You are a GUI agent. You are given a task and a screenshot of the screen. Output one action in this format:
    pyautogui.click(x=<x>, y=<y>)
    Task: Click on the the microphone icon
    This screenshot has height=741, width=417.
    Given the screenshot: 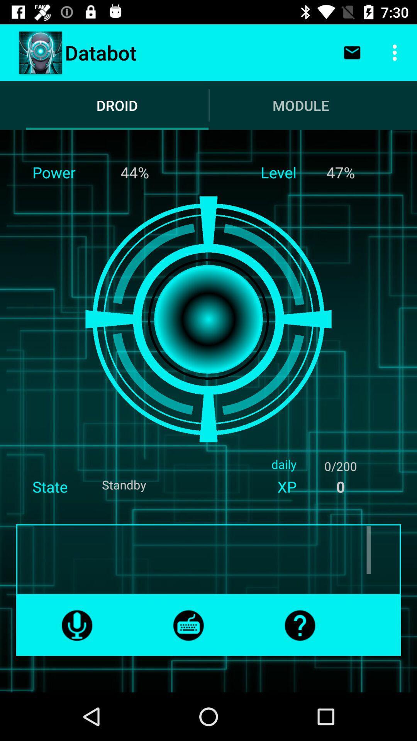 What is the action you would take?
    pyautogui.click(x=77, y=625)
    